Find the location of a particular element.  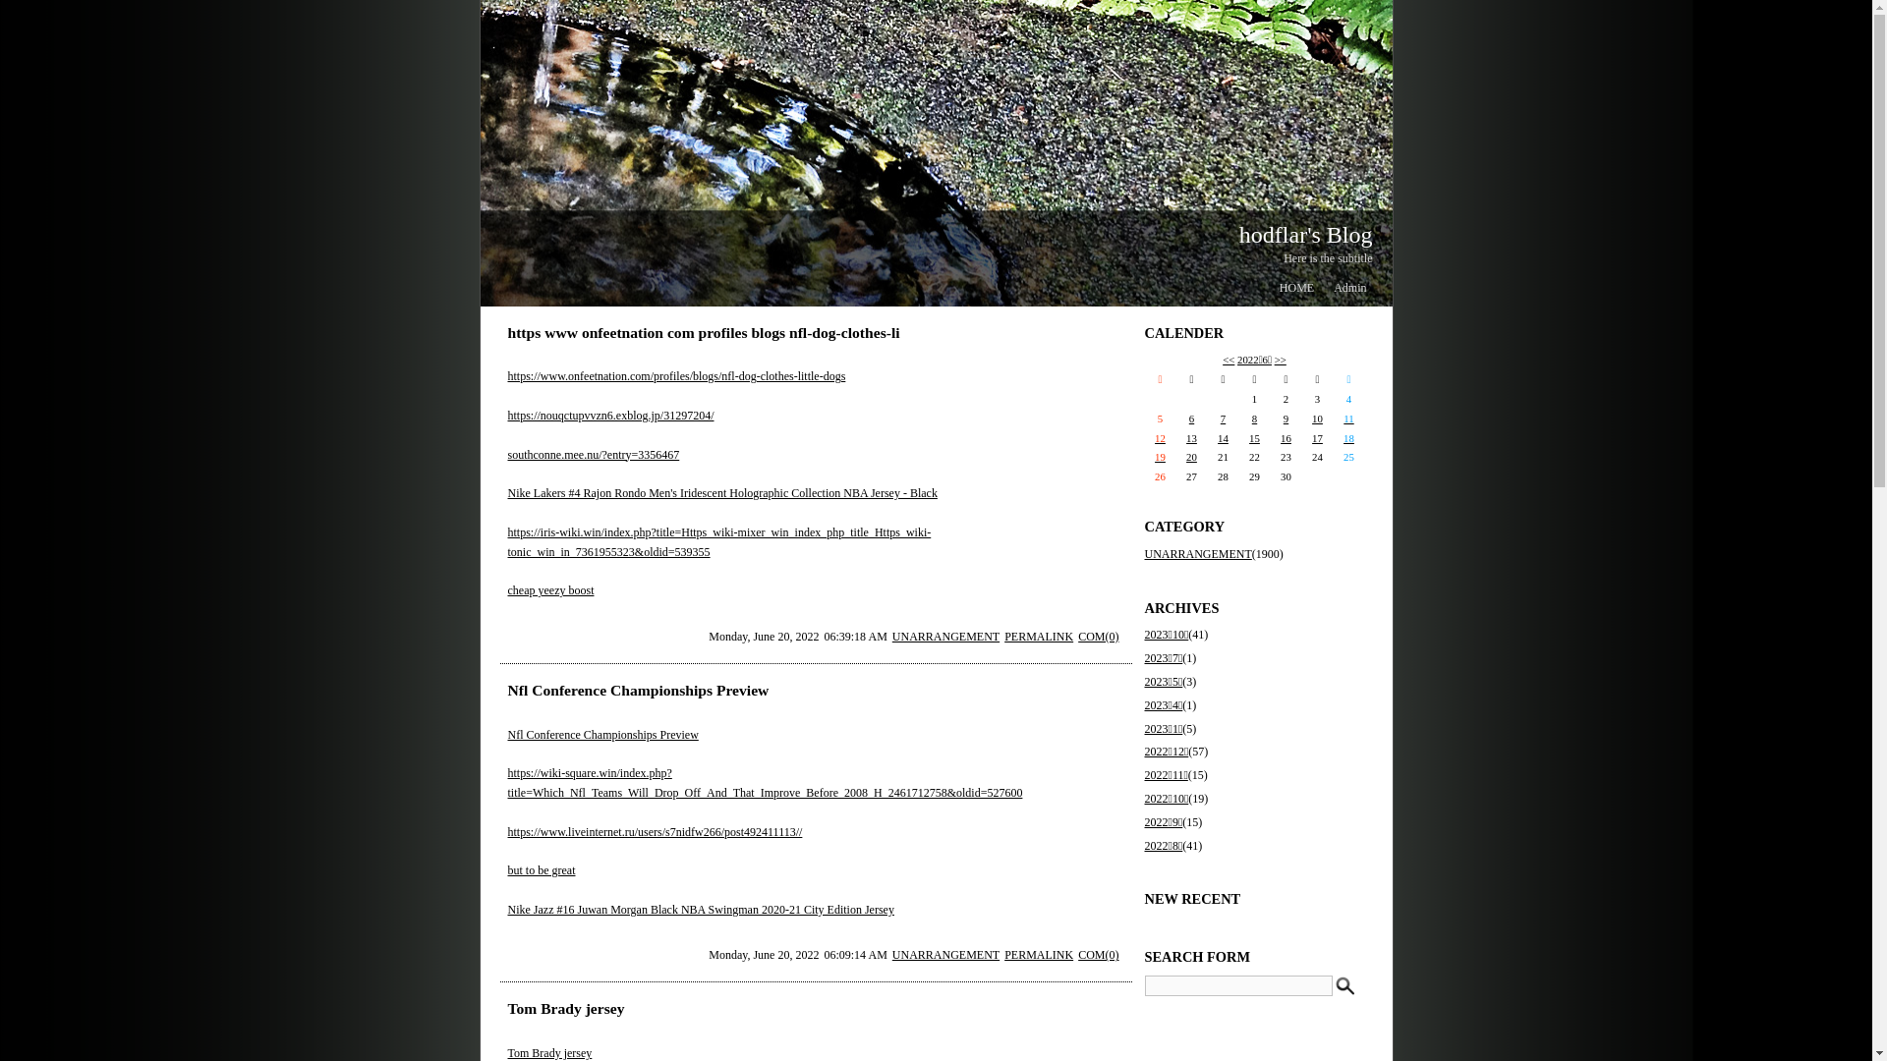

'https://nouqctupvvzn6.exblog.jp/31297204/' is located at coordinates (608, 415).